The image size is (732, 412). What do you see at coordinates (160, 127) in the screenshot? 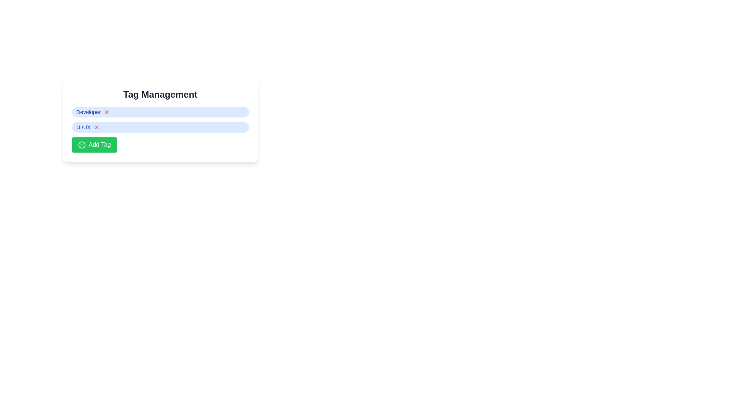
I see `the second tag in the 'Tag Management' section` at bounding box center [160, 127].